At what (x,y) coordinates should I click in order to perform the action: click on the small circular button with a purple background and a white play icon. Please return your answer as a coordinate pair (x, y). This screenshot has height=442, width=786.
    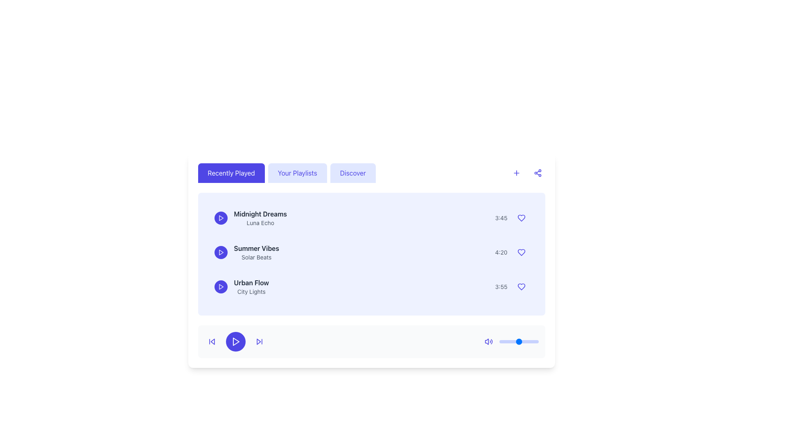
    Looking at the image, I should click on (221, 286).